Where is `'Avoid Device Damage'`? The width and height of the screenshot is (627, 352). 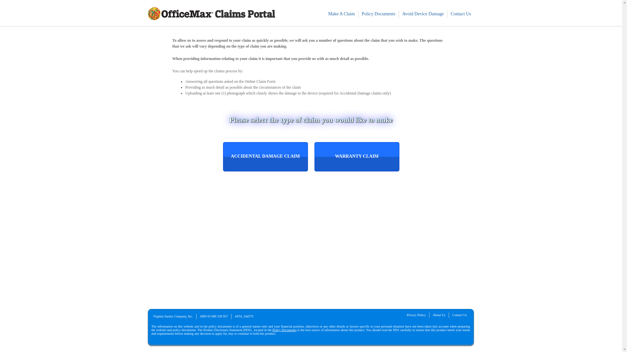 'Avoid Device Damage' is located at coordinates (423, 14).